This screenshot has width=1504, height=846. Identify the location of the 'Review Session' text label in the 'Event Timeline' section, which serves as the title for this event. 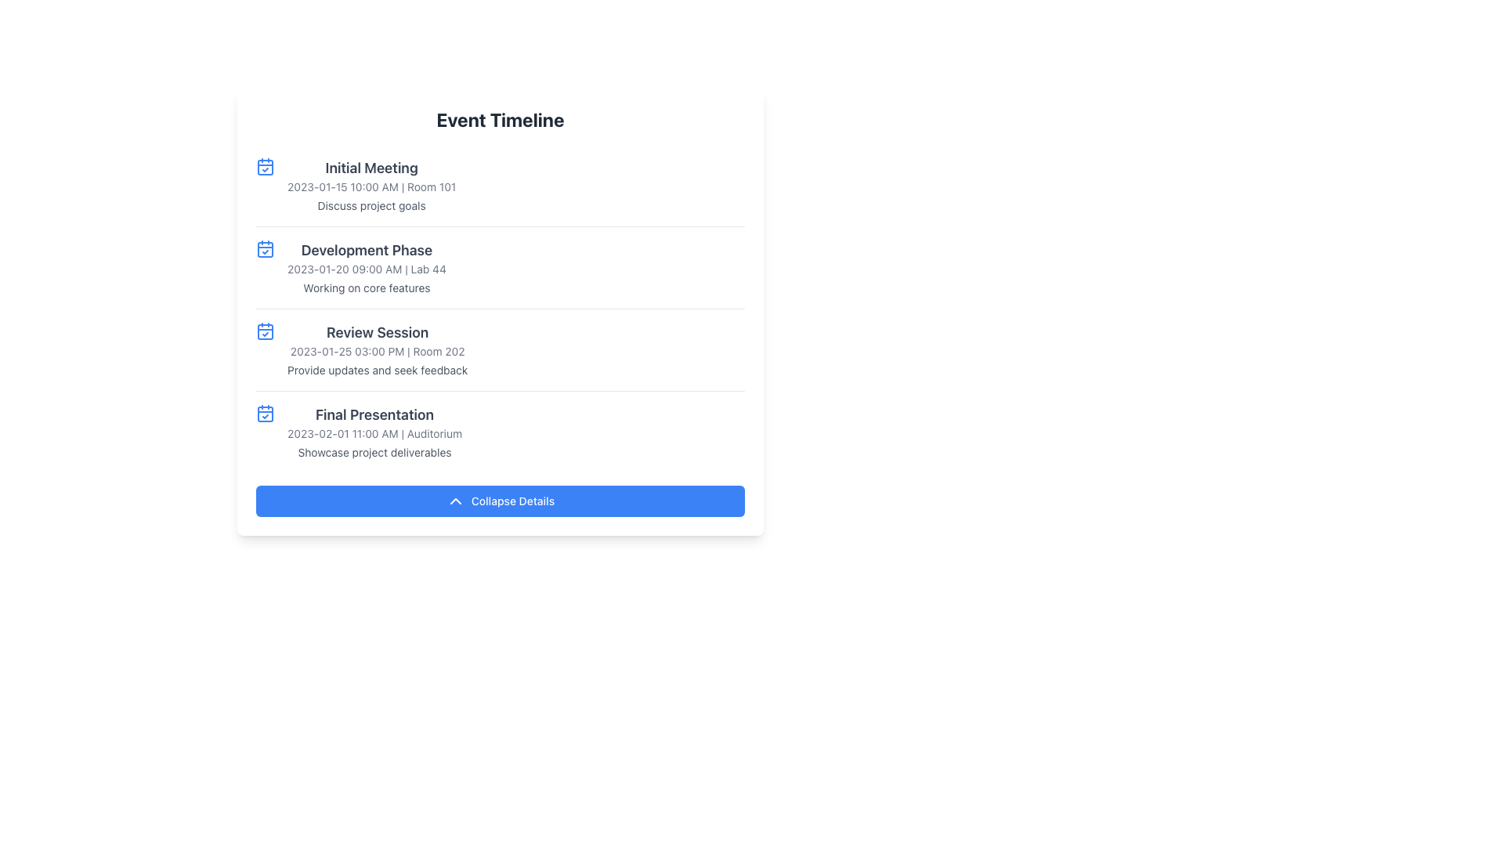
(378, 331).